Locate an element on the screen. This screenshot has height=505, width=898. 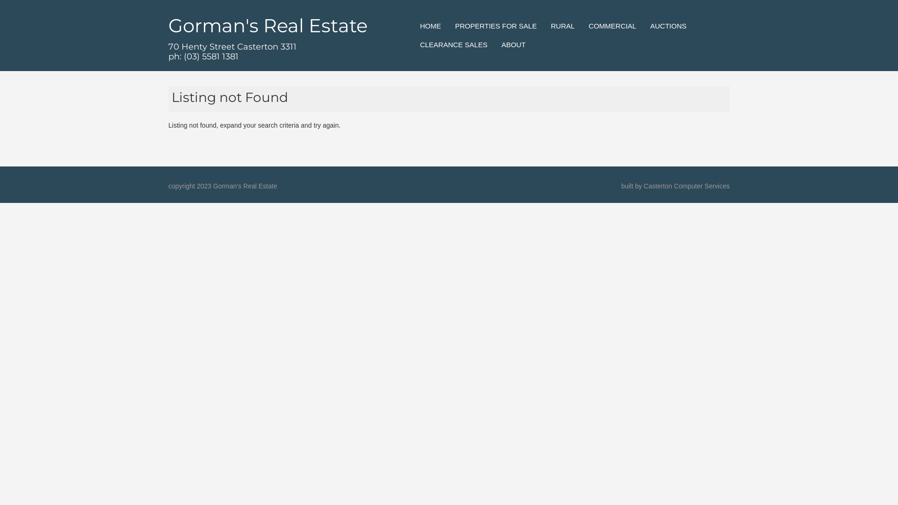
'RURAL' is located at coordinates (562, 26).